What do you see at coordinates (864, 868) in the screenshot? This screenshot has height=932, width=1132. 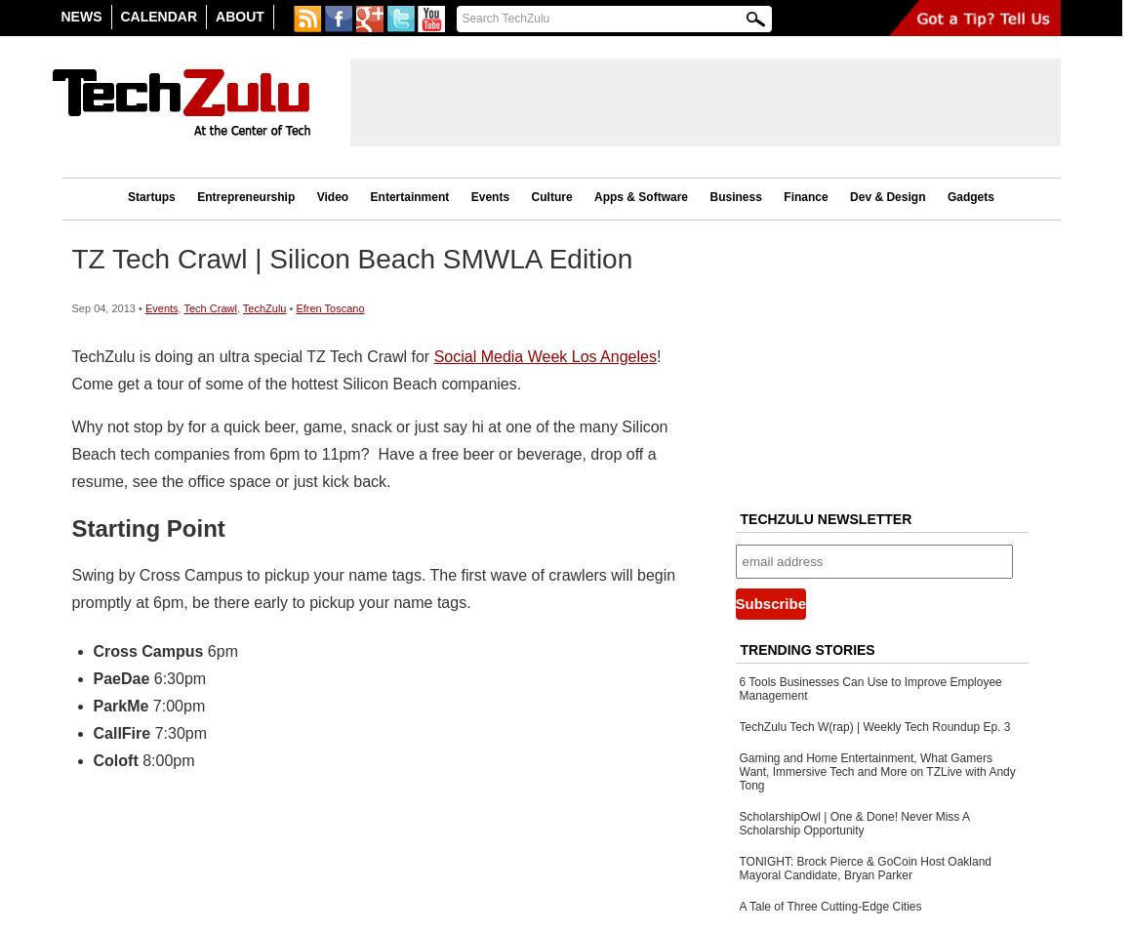 I see `'TONIGHT: Brock Pierce & GoCoin Host Oakland Mayoral Candidate, Bryan Parker'` at bounding box center [864, 868].